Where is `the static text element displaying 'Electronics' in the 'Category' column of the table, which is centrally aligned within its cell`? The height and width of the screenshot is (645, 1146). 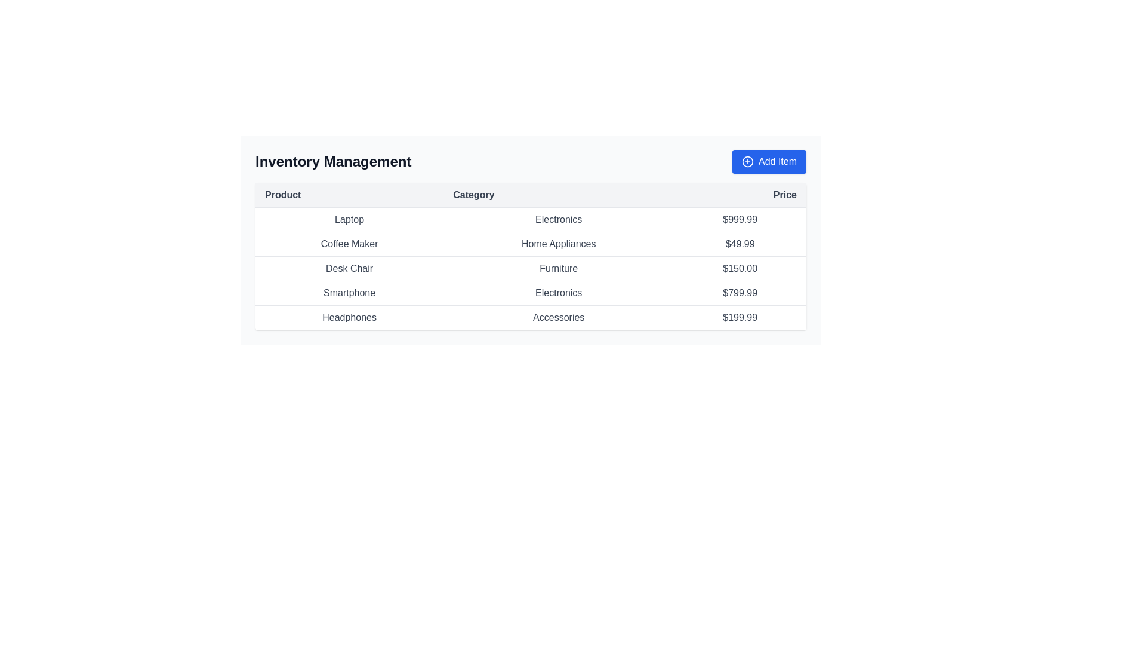 the static text element displaying 'Electronics' in the 'Category' column of the table, which is centrally aligned within its cell is located at coordinates (558, 219).